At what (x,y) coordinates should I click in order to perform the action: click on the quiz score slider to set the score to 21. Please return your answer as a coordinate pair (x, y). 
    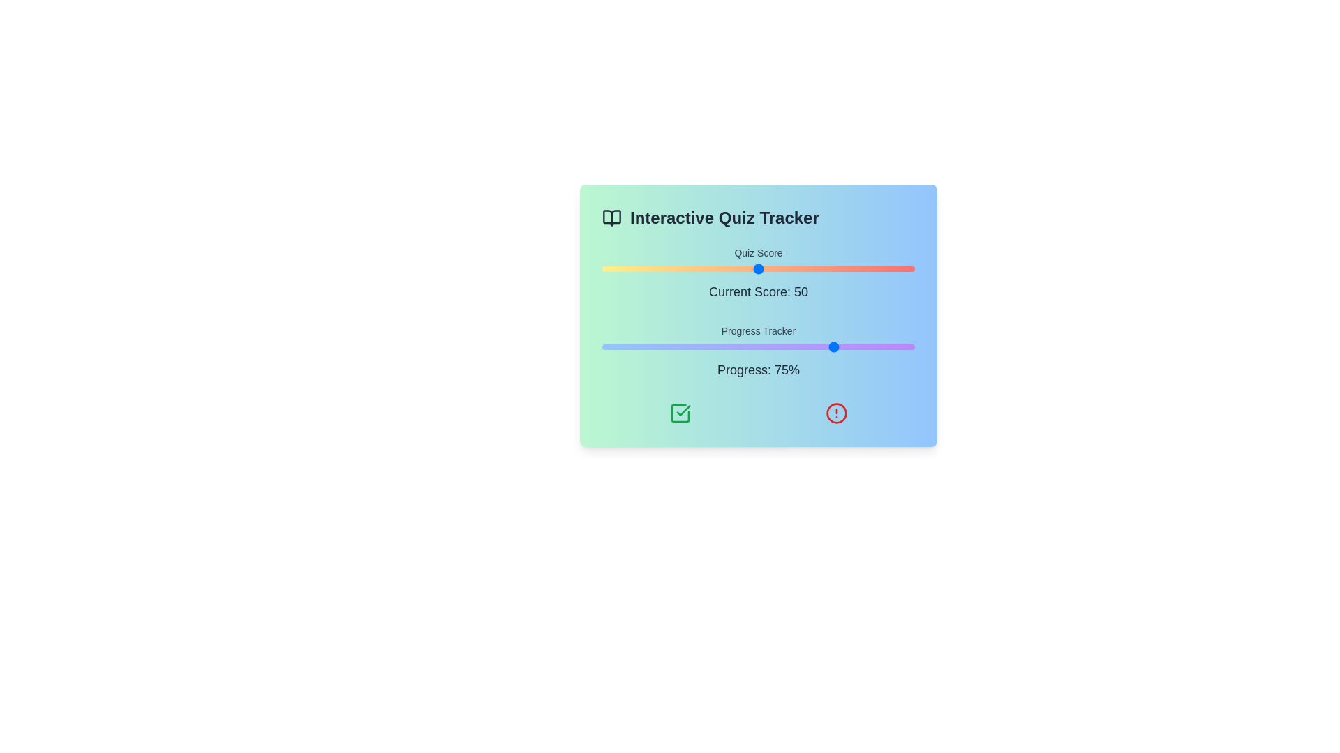
    Looking at the image, I should click on (667, 268).